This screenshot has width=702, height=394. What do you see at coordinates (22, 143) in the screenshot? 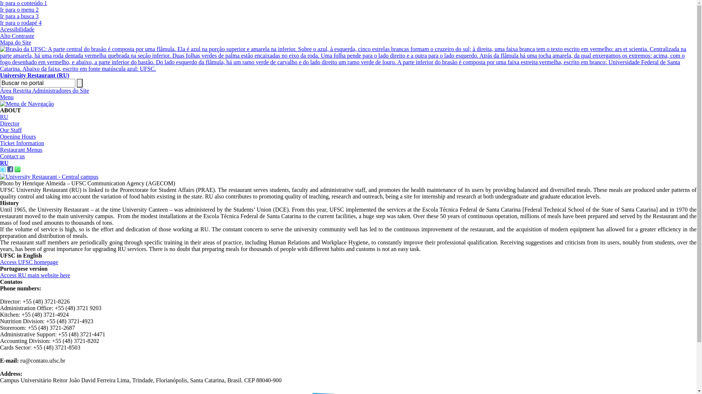
I see `'Ticket Information'` at bounding box center [22, 143].